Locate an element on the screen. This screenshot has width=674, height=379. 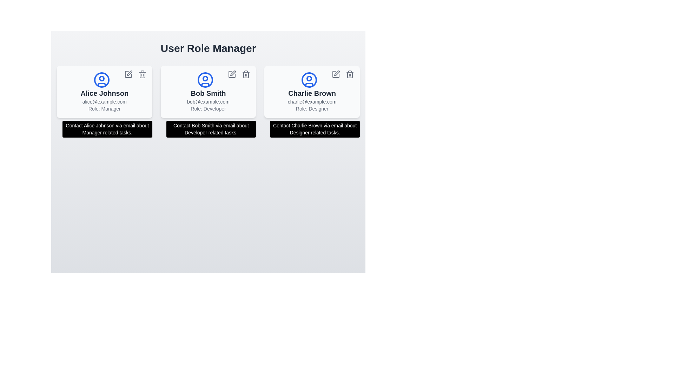
the delete button (trash icon) located in the top-right corner of the 'Alice Johnson' card is located at coordinates (142, 74).